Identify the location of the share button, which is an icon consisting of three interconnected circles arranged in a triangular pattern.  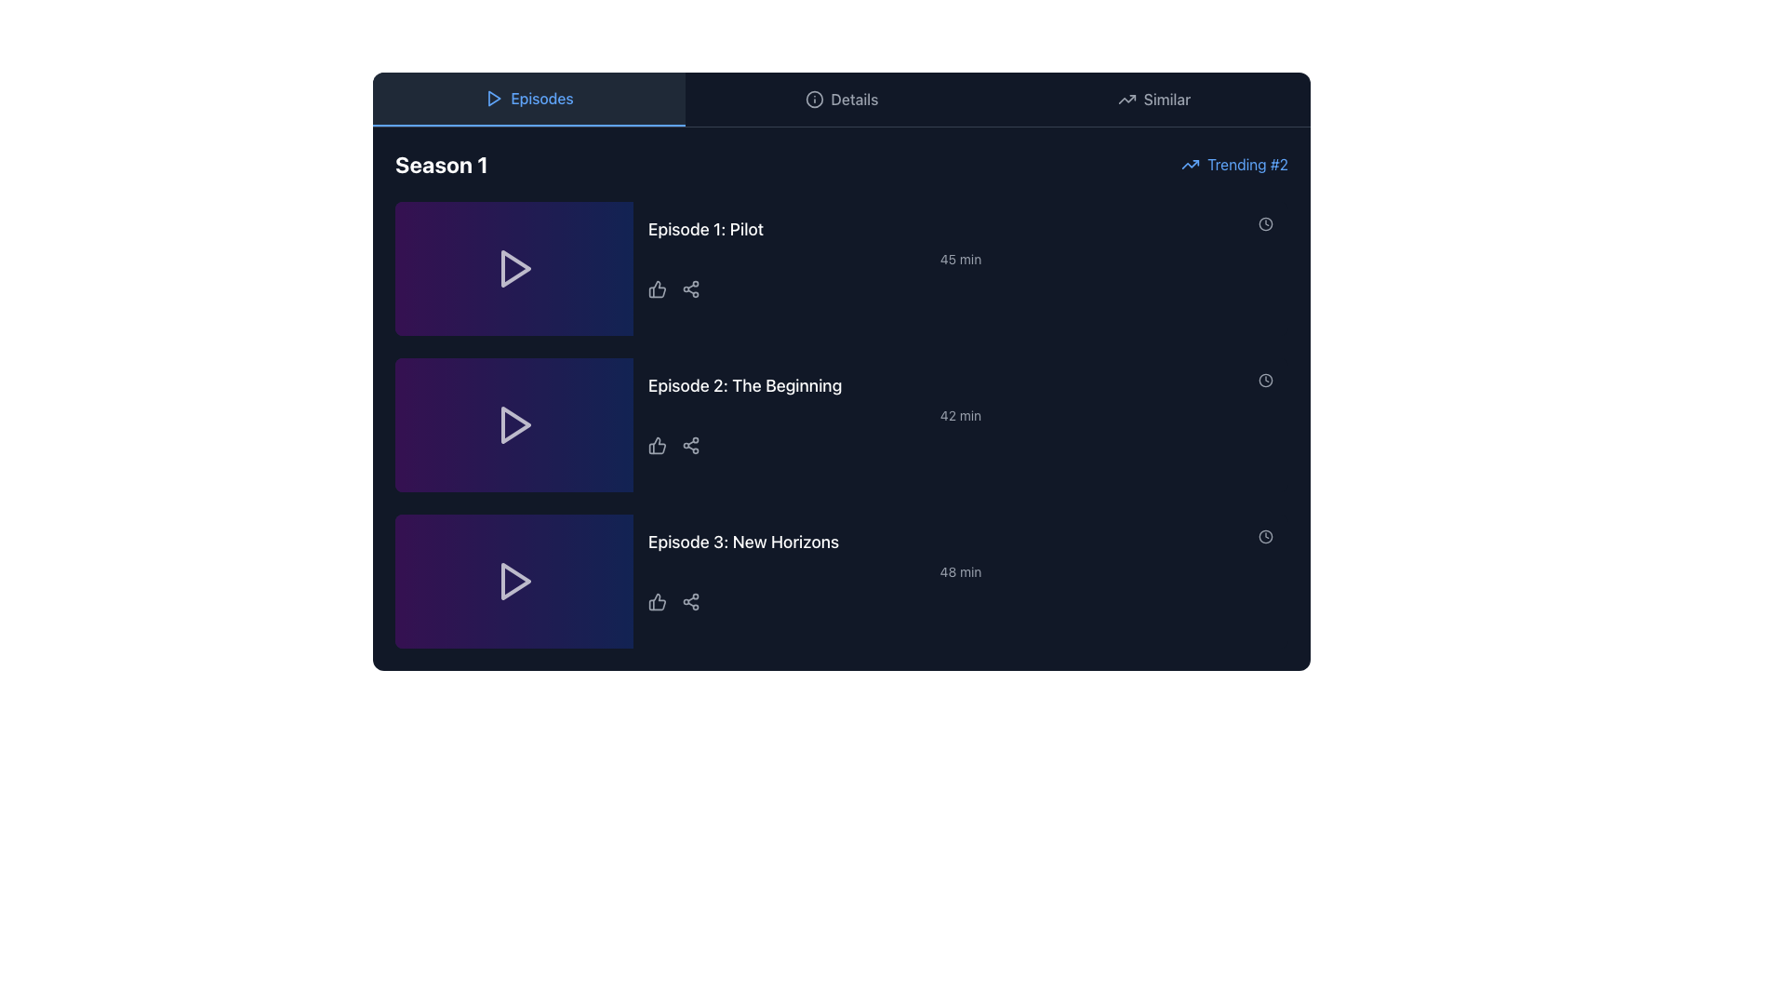
(690, 602).